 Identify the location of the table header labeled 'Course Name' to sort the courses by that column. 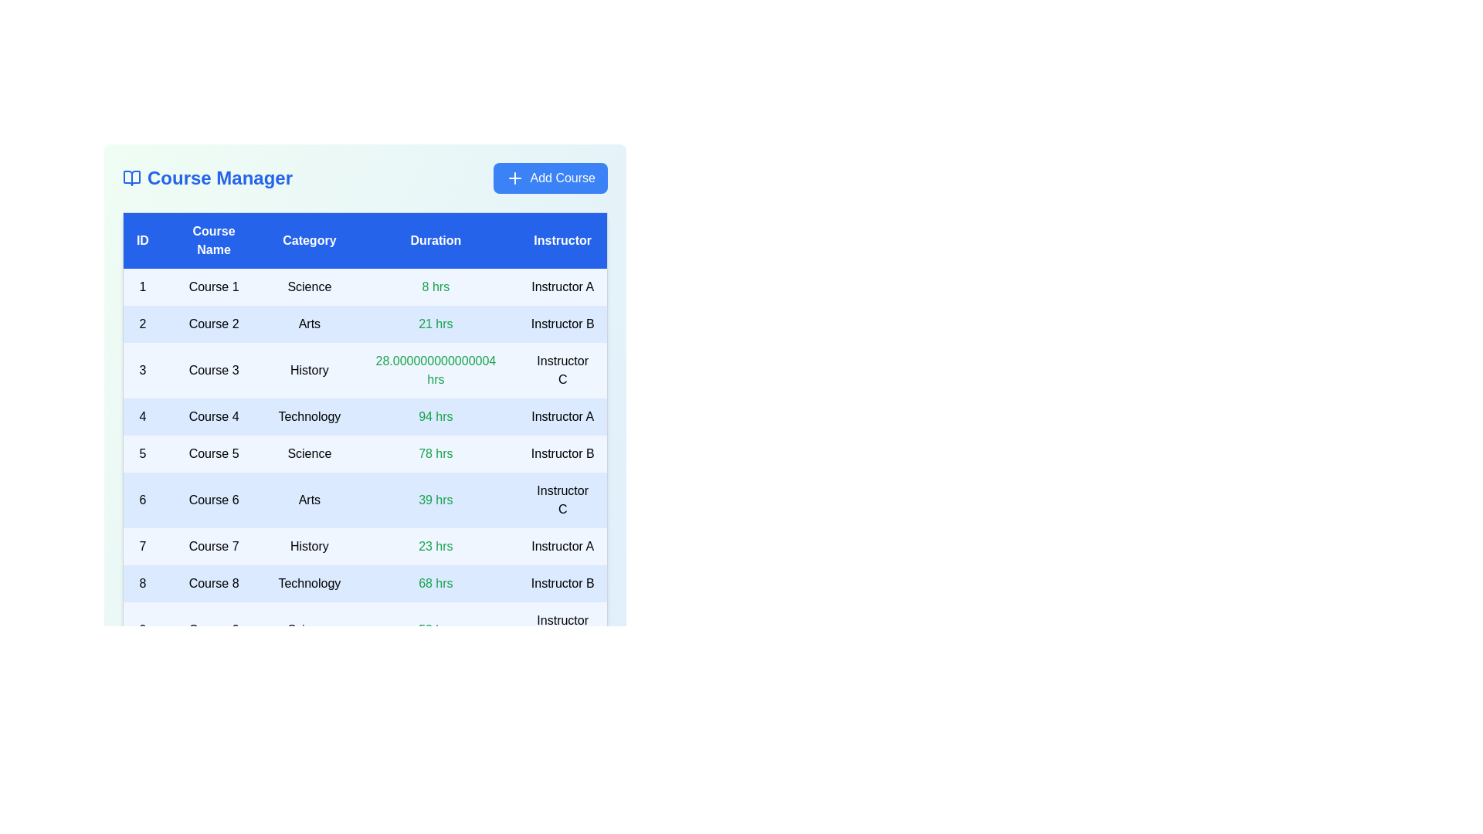
(213, 240).